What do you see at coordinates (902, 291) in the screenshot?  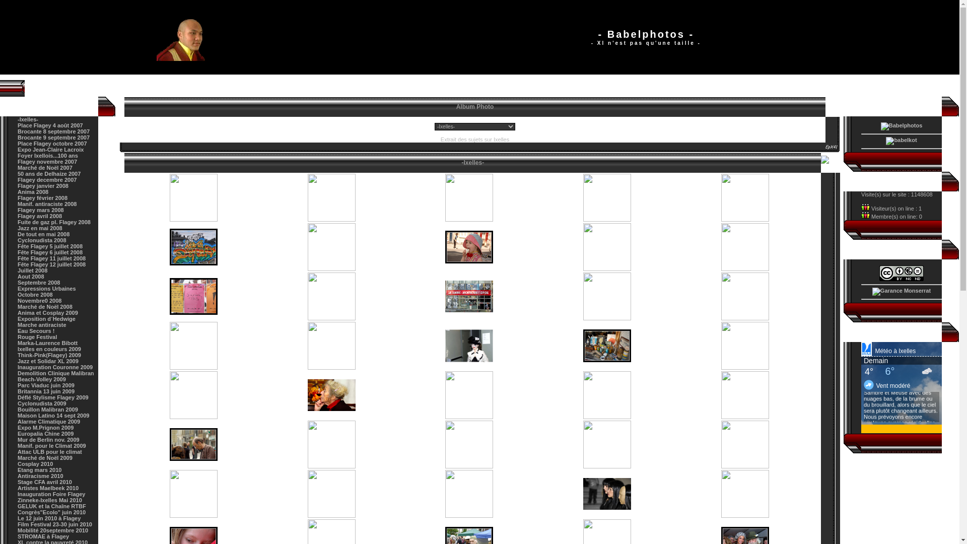 I see `'Garance Monserrat'` at bounding box center [902, 291].